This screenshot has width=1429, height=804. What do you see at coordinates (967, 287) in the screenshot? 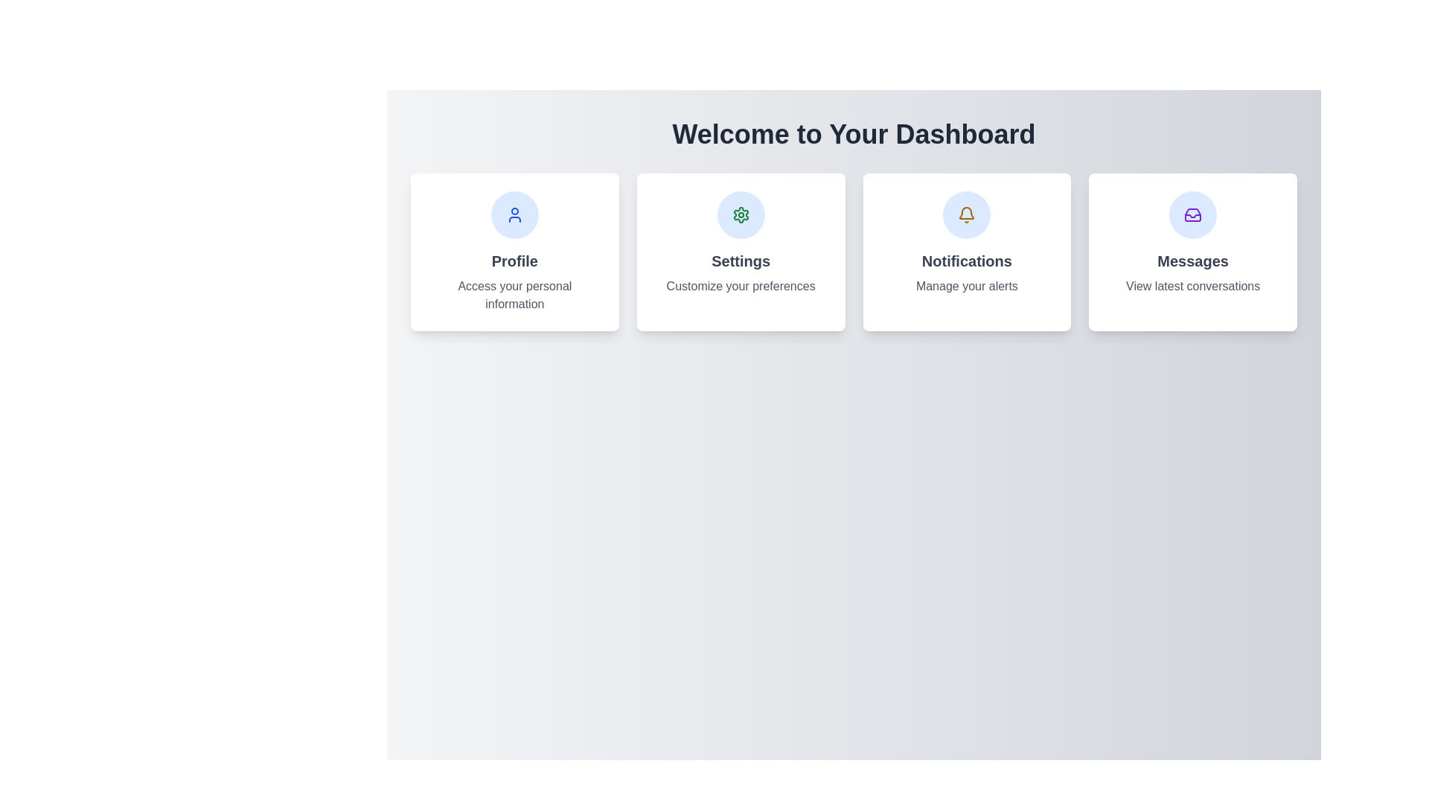
I see `text label that displays 'Manage your alerts', which is styled in gray and located within the 'Notifications' card` at bounding box center [967, 287].